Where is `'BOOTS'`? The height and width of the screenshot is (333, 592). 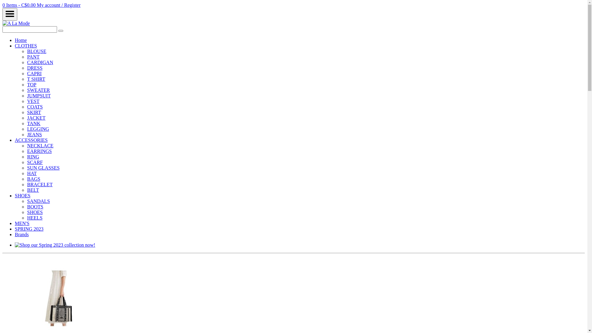 'BOOTS' is located at coordinates (27, 207).